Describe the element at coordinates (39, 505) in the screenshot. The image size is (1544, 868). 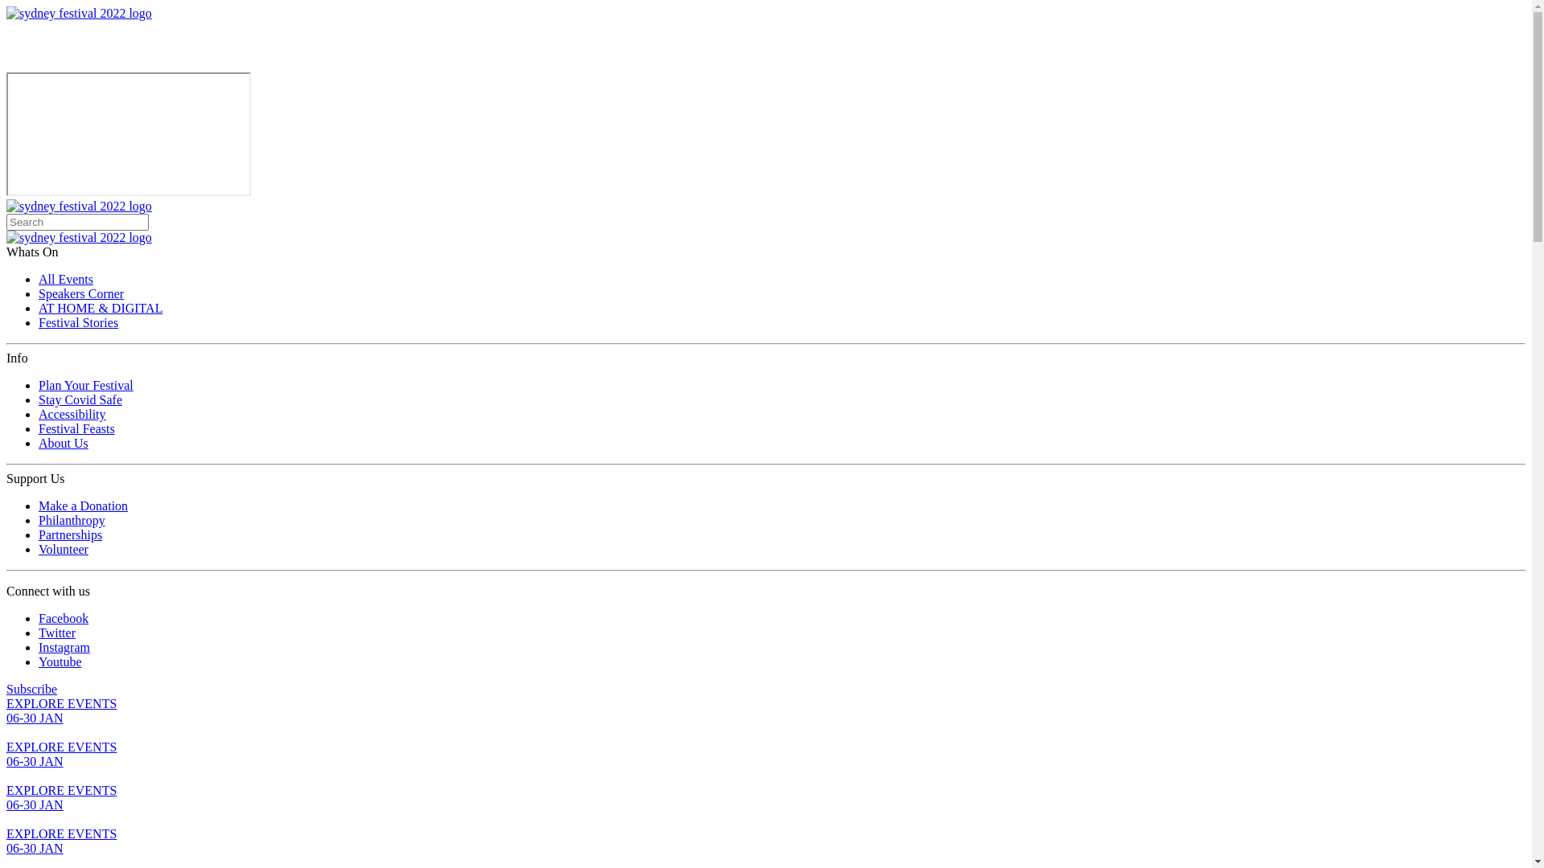
I see `'Make a Donation'` at that location.